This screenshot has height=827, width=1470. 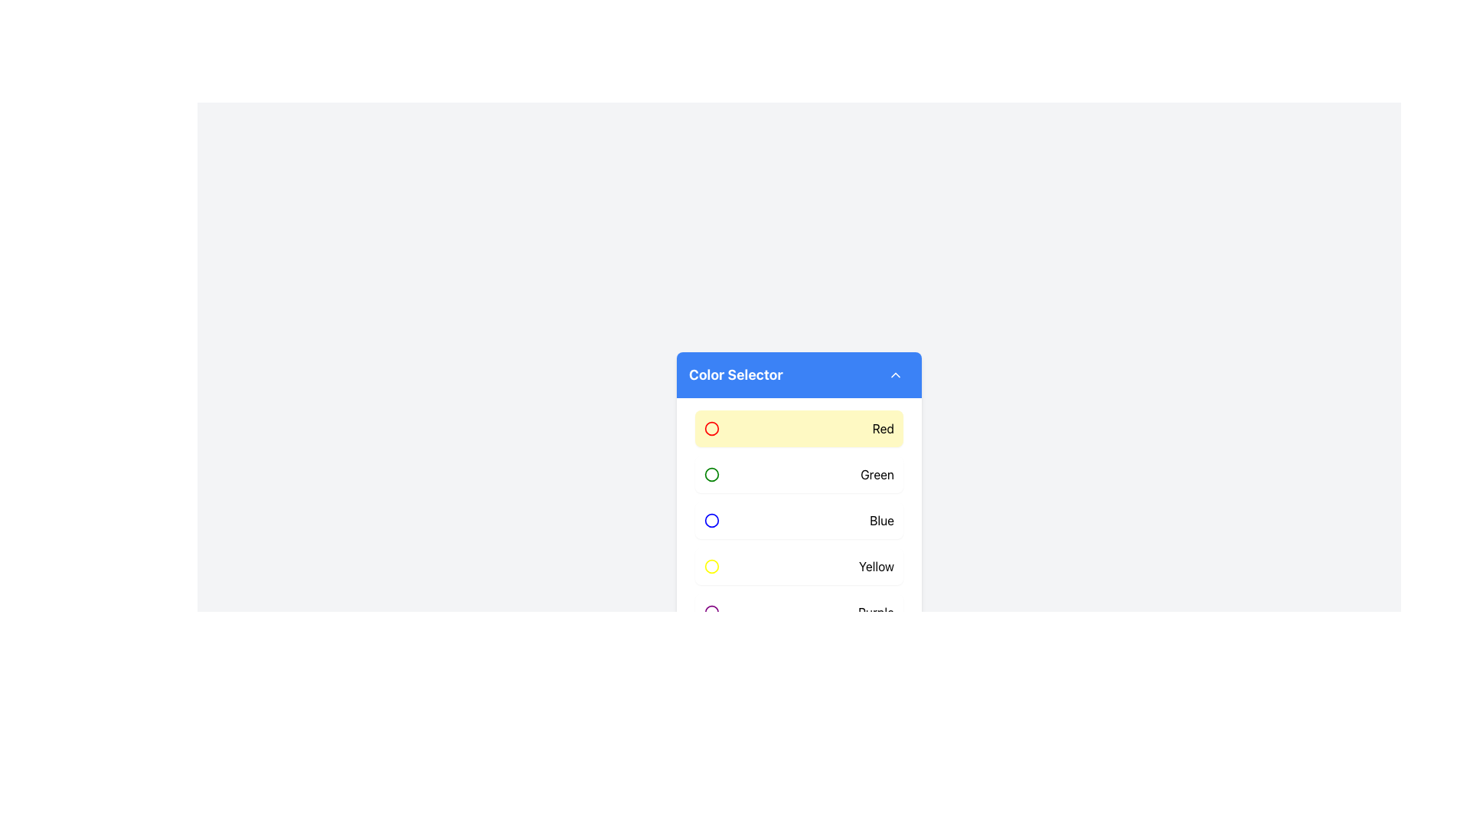 I want to click on the yellow color icon in the fourth row of the dropdown color selector, so click(x=711, y=567).